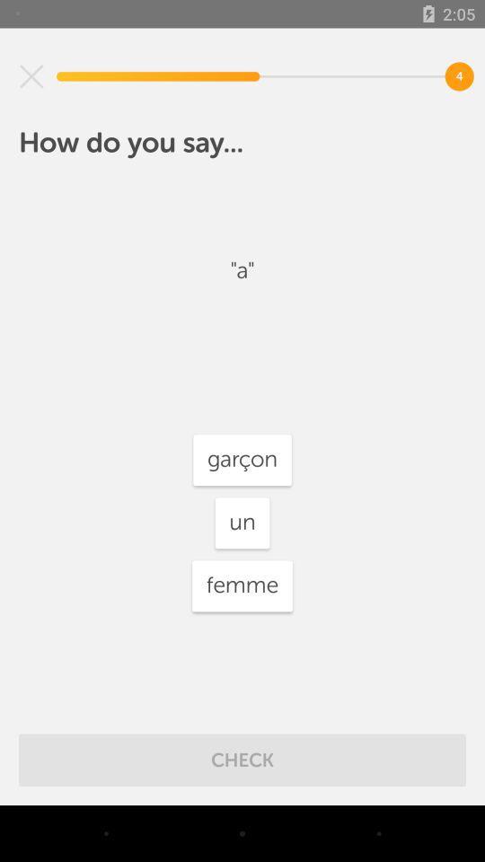 The height and width of the screenshot is (862, 485). What do you see at coordinates (242, 759) in the screenshot?
I see `check icon` at bounding box center [242, 759].